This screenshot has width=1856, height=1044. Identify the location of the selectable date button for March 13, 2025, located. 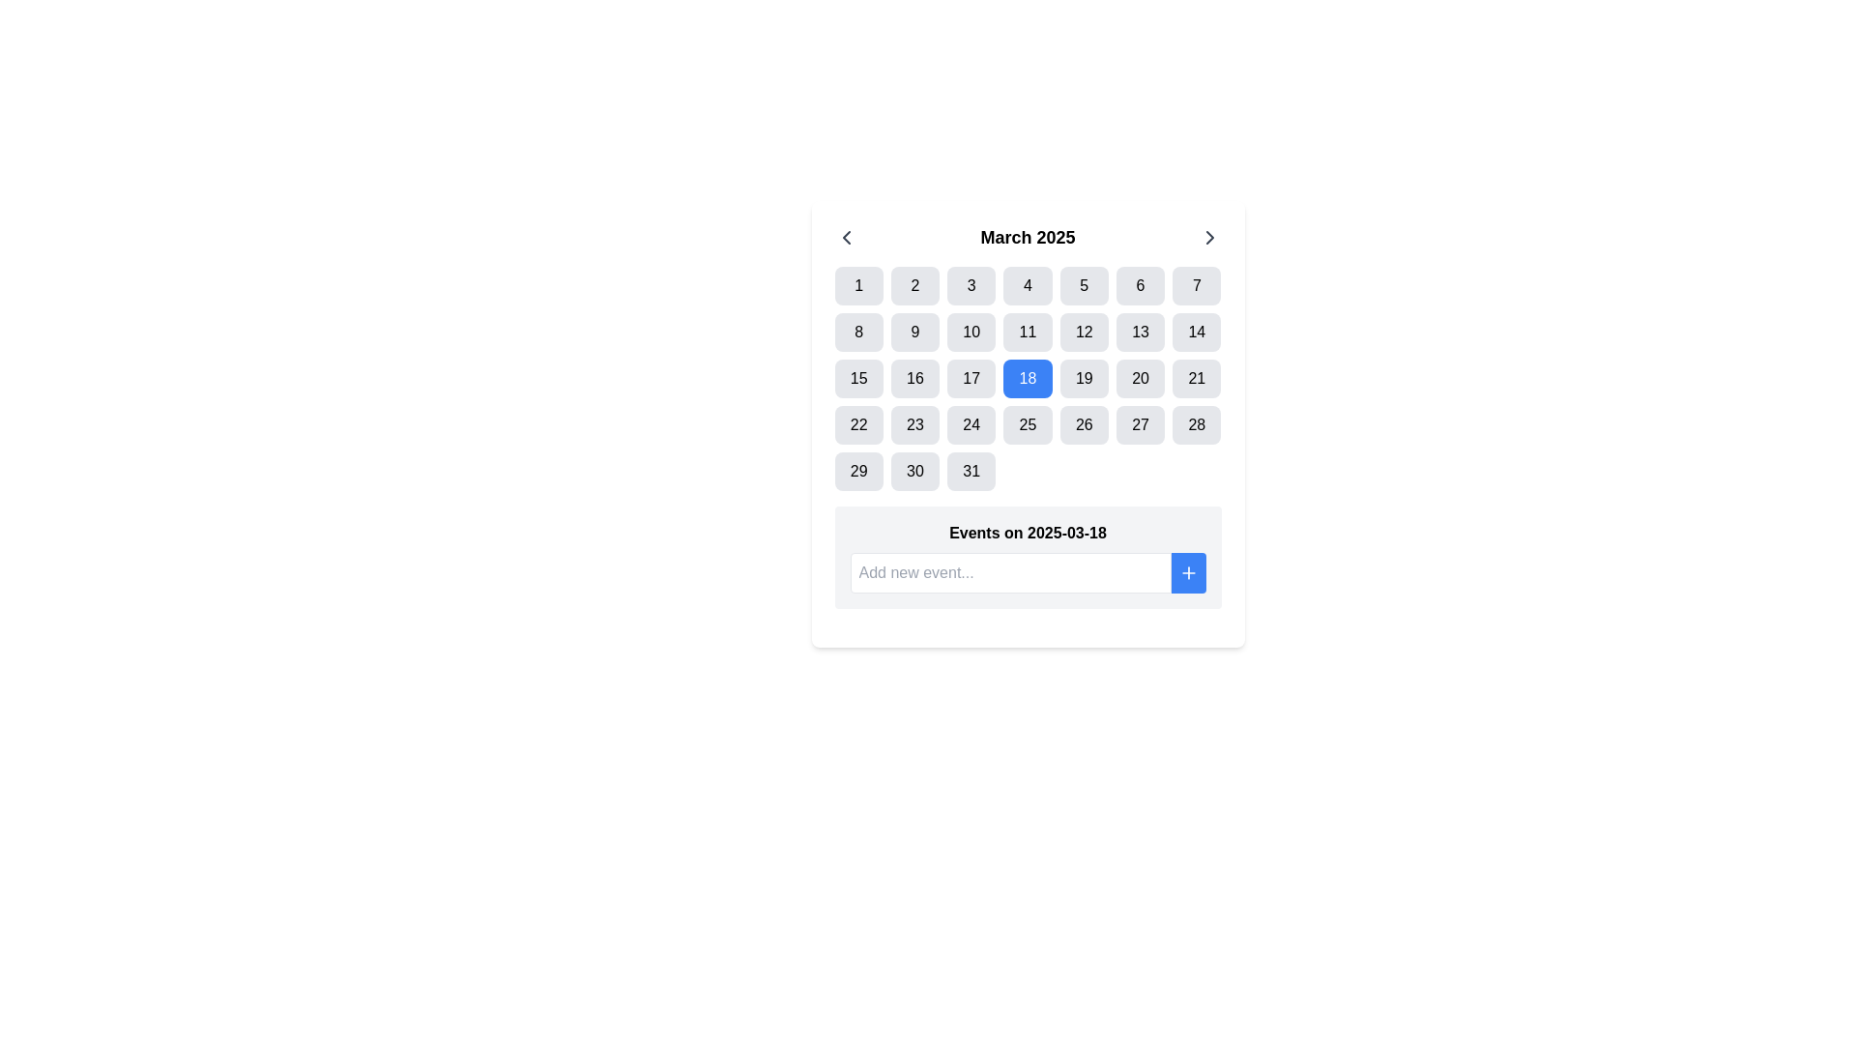
(1141, 331).